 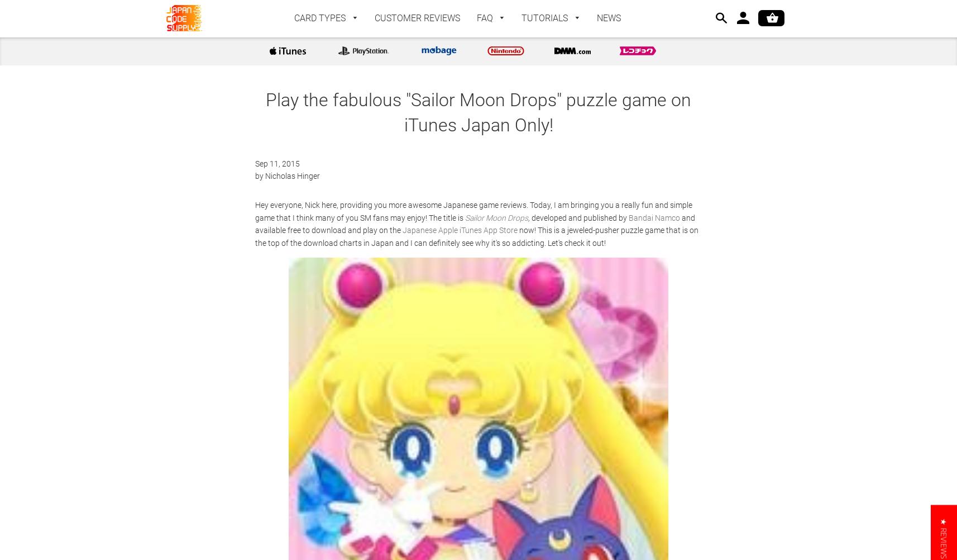 I want to click on 'TUTORIALS', so click(x=545, y=18).